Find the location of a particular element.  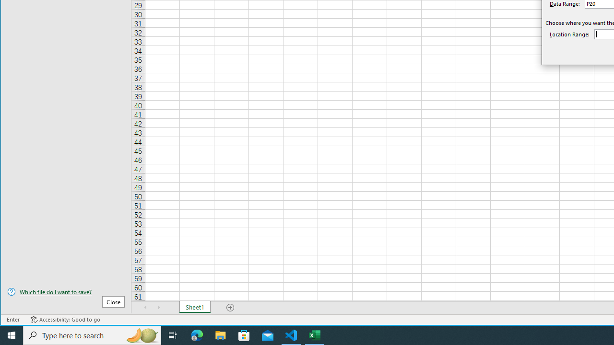

'File Explorer' is located at coordinates (220, 334).